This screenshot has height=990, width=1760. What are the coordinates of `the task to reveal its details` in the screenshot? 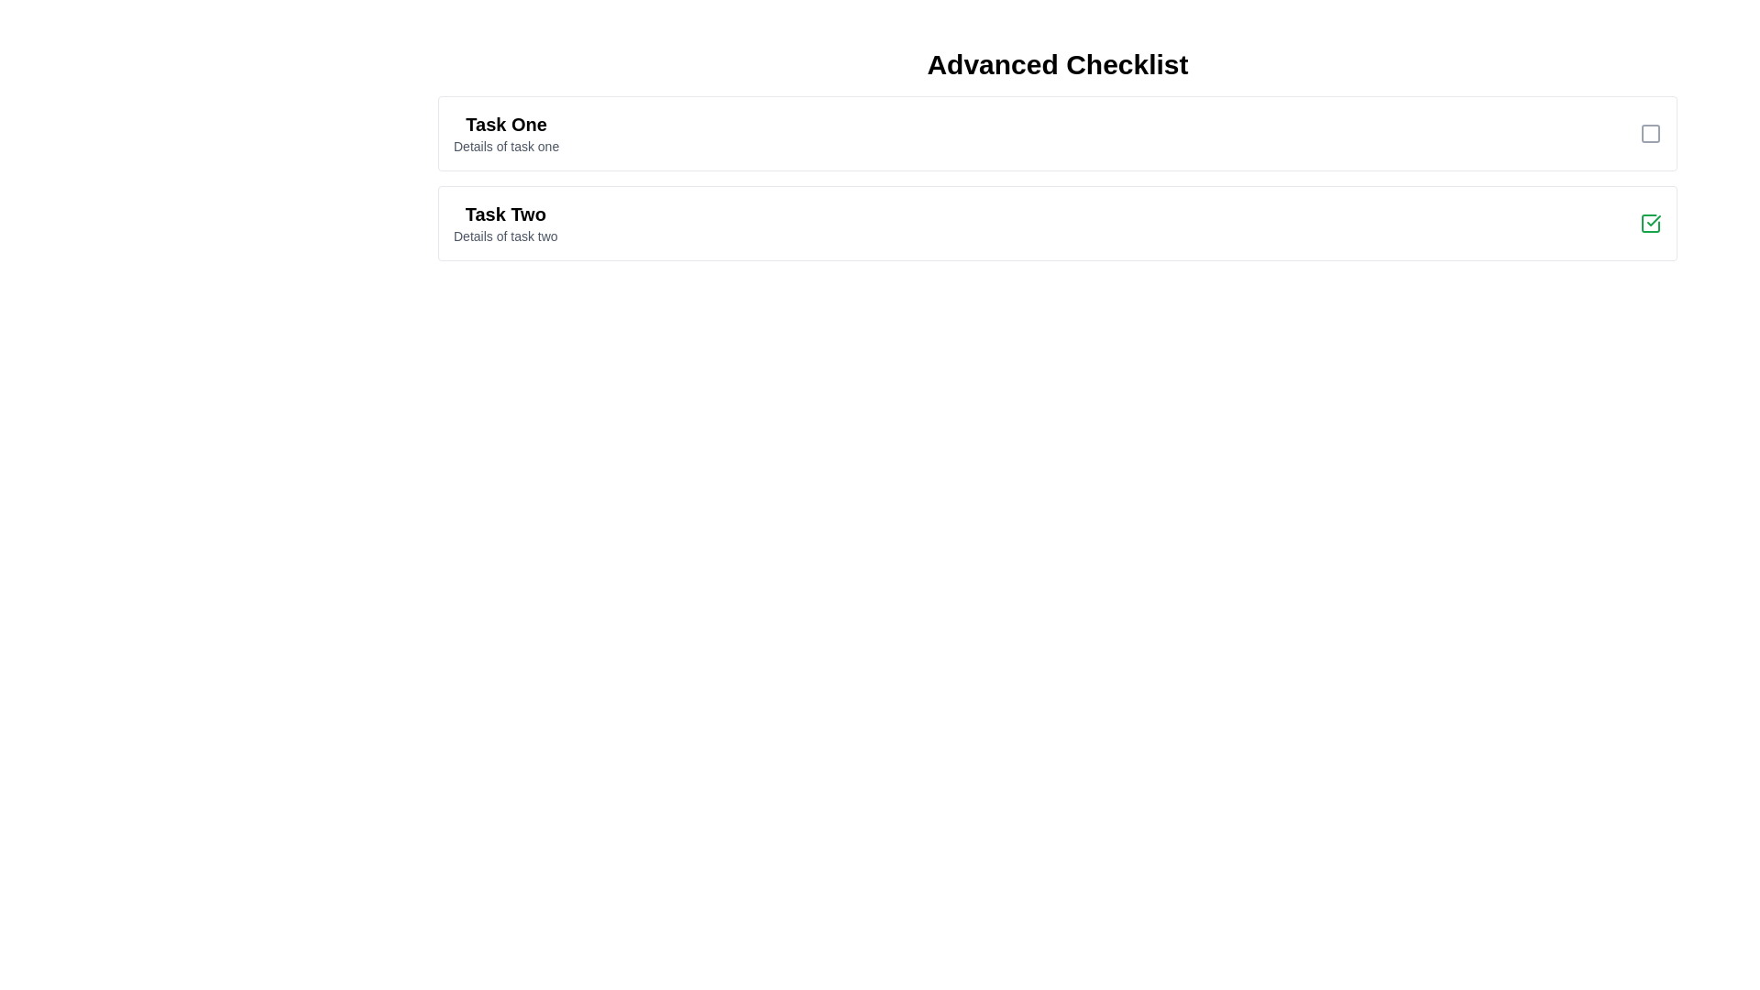 It's located at (506, 133).